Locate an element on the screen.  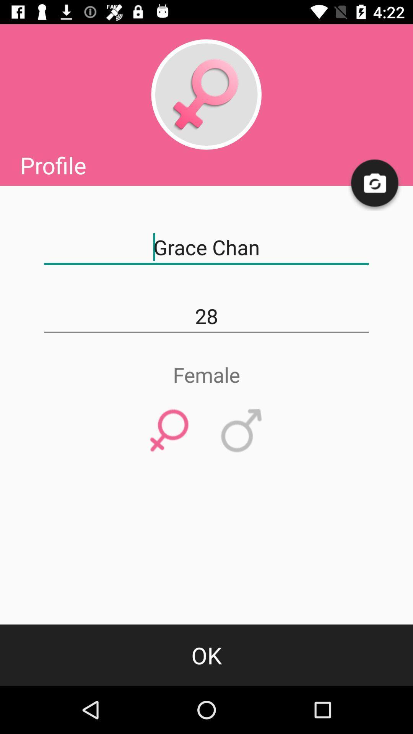
icon below the grace chan icon is located at coordinates (206, 316).